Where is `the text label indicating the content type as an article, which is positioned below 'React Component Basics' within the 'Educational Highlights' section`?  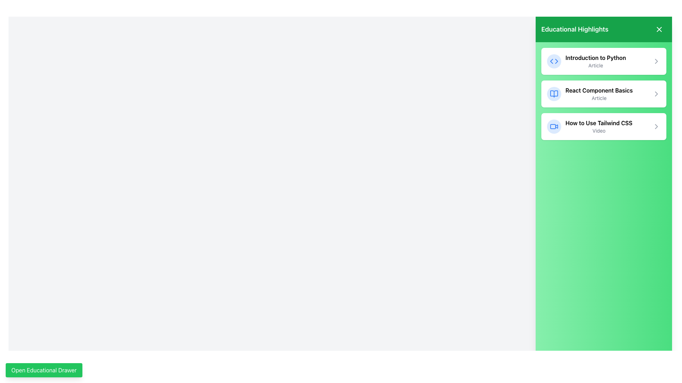 the text label indicating the content type as an article, which is positioned below 'React Component Basics' within the 'Educational Highlights' section is located at coordinates (599, 98).